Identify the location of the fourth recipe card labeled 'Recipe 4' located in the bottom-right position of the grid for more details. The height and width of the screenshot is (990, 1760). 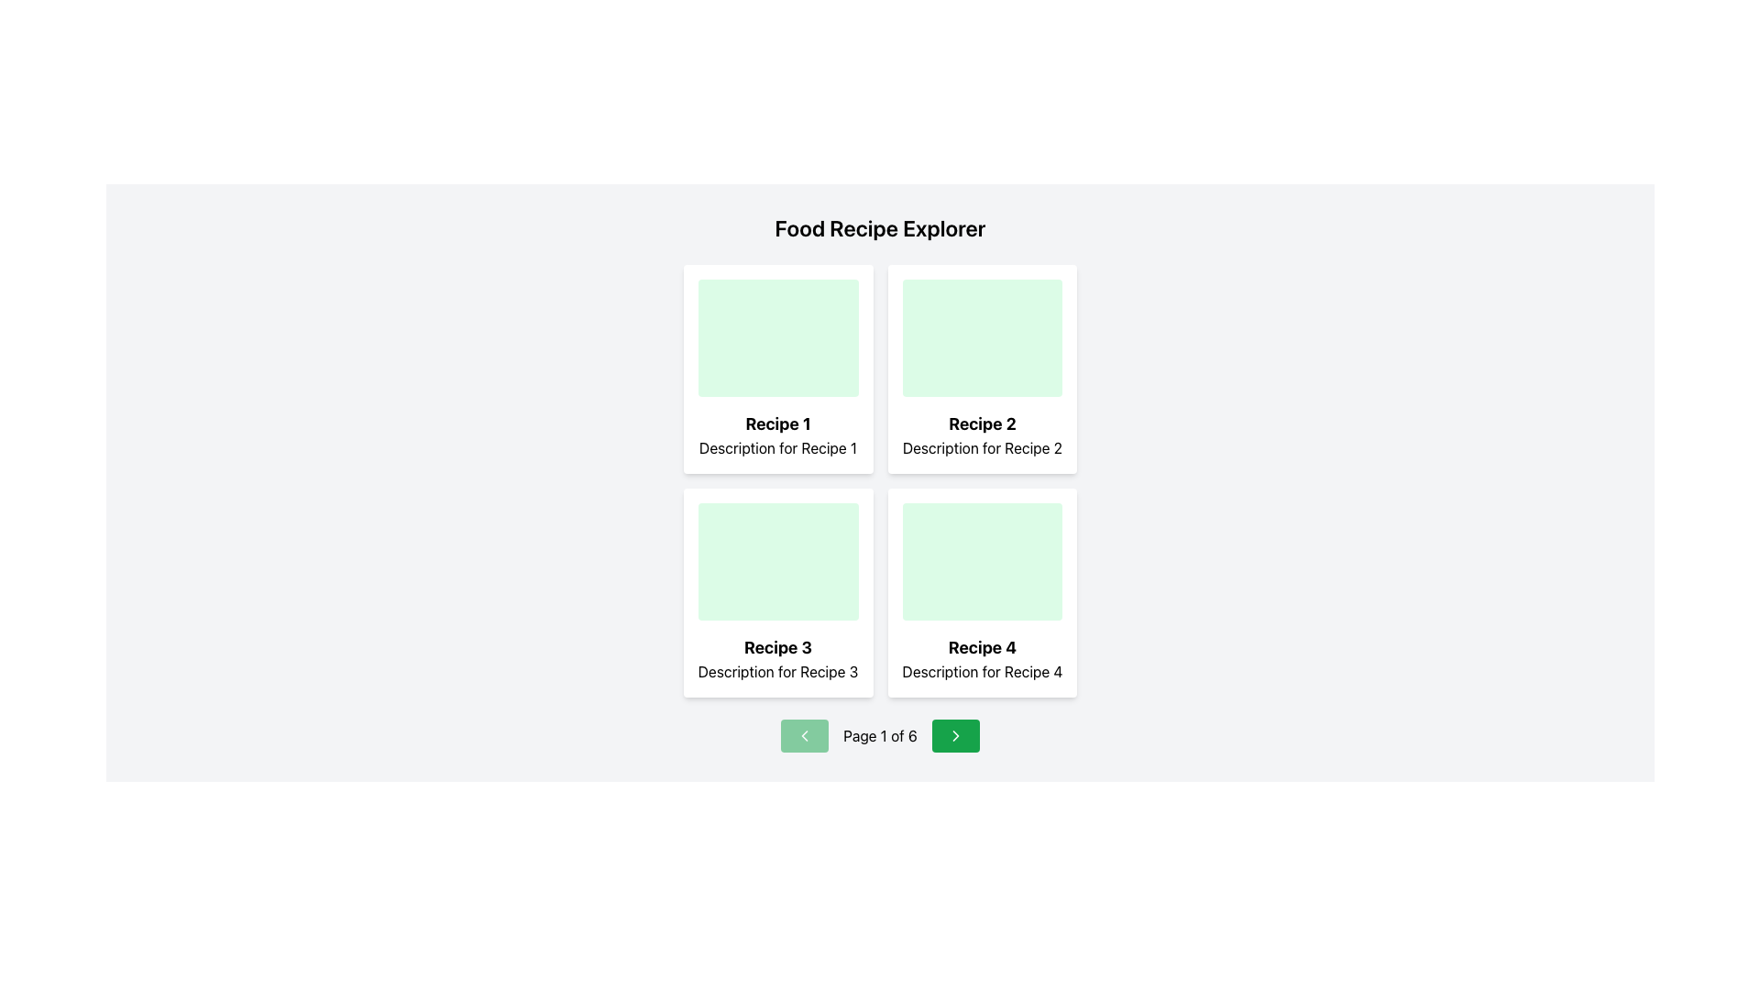
(981, 593).